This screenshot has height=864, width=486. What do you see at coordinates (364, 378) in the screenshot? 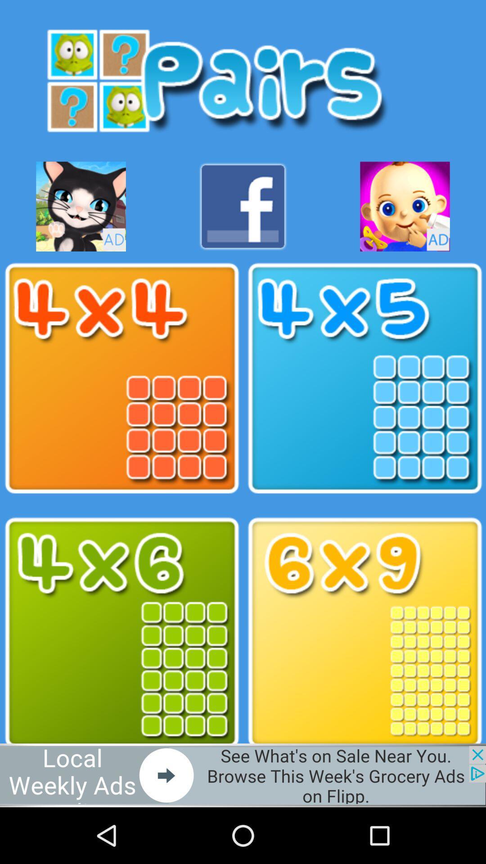
I see `game` at bounding box center [364, 378].